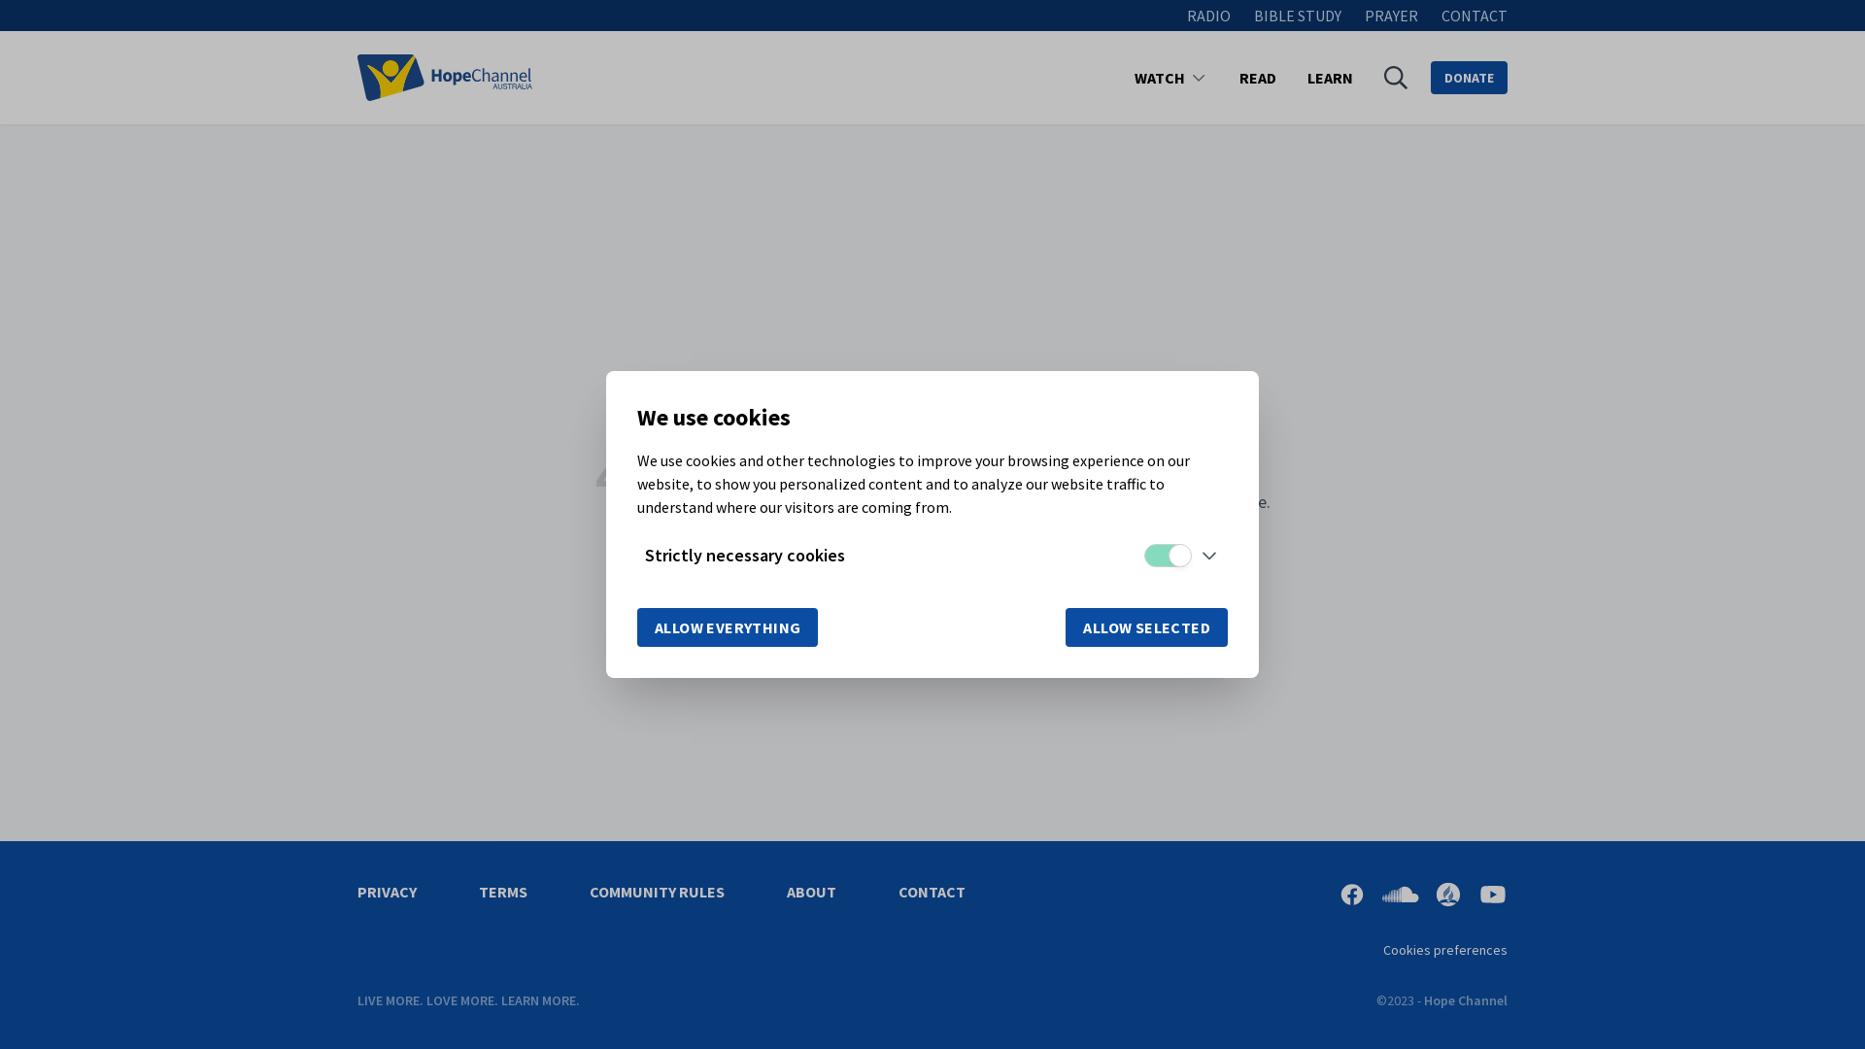 This screenshot has width=1865, height=1049. Describe the element at coordinates (1297, 15) in the screenshot. I see `'BIBLE STUDY'` at that location.